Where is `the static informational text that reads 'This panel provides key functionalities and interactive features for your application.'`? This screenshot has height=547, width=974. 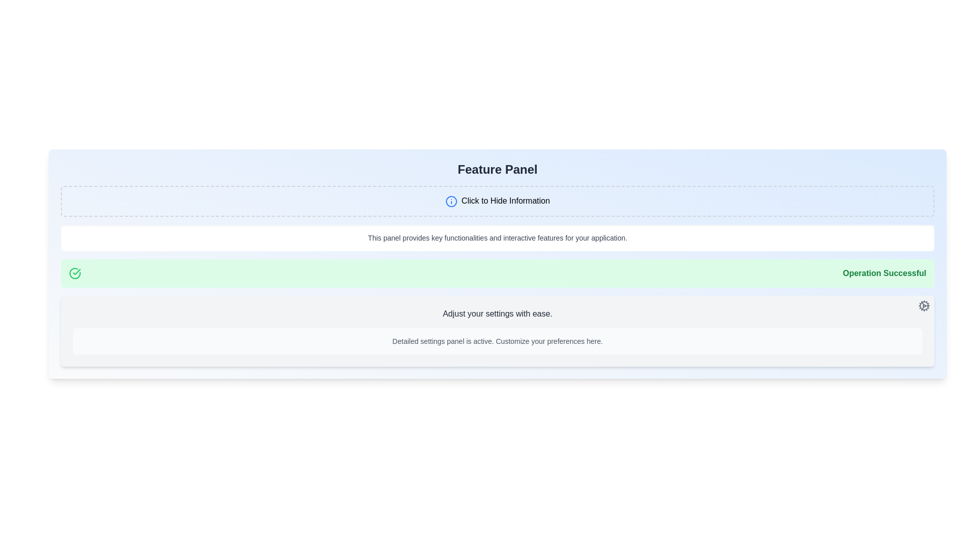 the static informational text that reads 'This panel provides key functionalities and interactive features for your application.' is located at coordinates (497, 238).